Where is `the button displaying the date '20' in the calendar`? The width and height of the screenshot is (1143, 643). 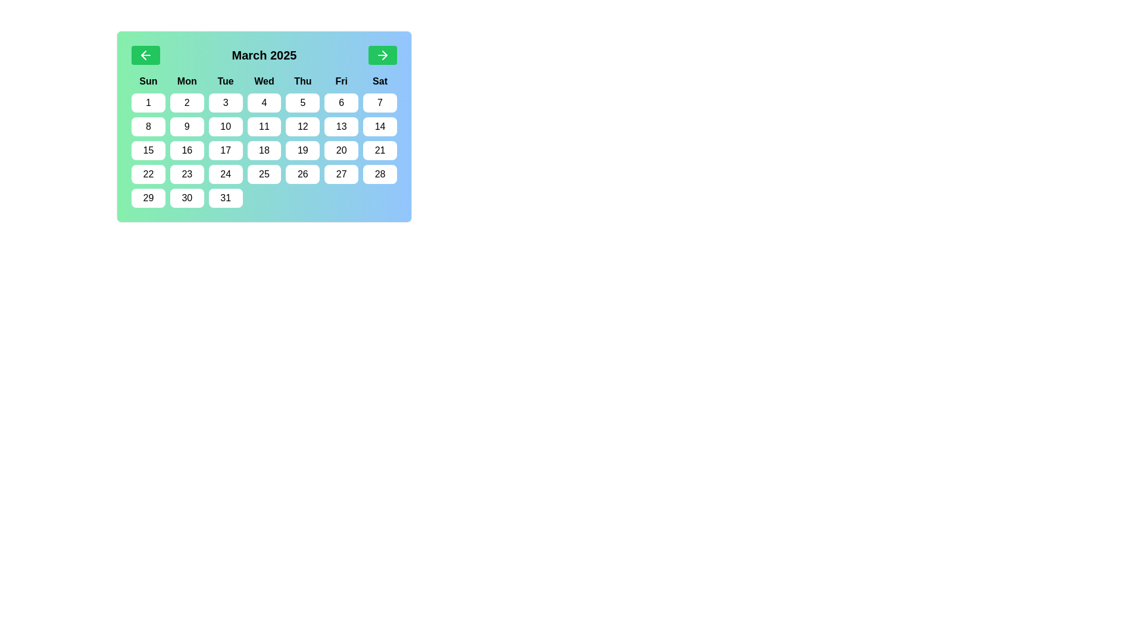
the button displaying the date '20' in the calendar is located at coordinates (341, 150).